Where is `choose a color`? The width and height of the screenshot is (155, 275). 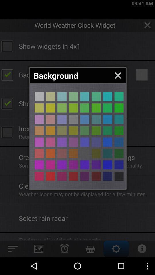 choose a color is located at coordinates (84, 165).